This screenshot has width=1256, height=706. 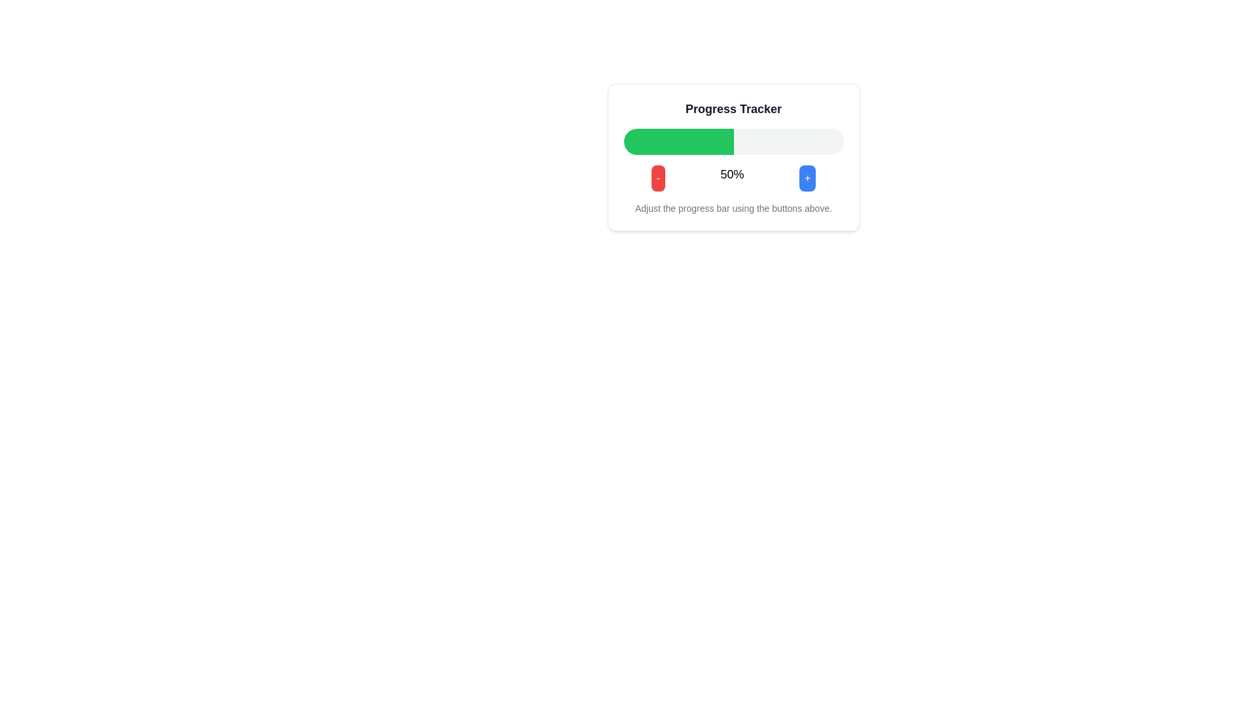 I want to click on the increment button located in the bottom-right section of the progress control interface, adjacent to the displayed percentage value ('50%'), so click(x=807, y=178).